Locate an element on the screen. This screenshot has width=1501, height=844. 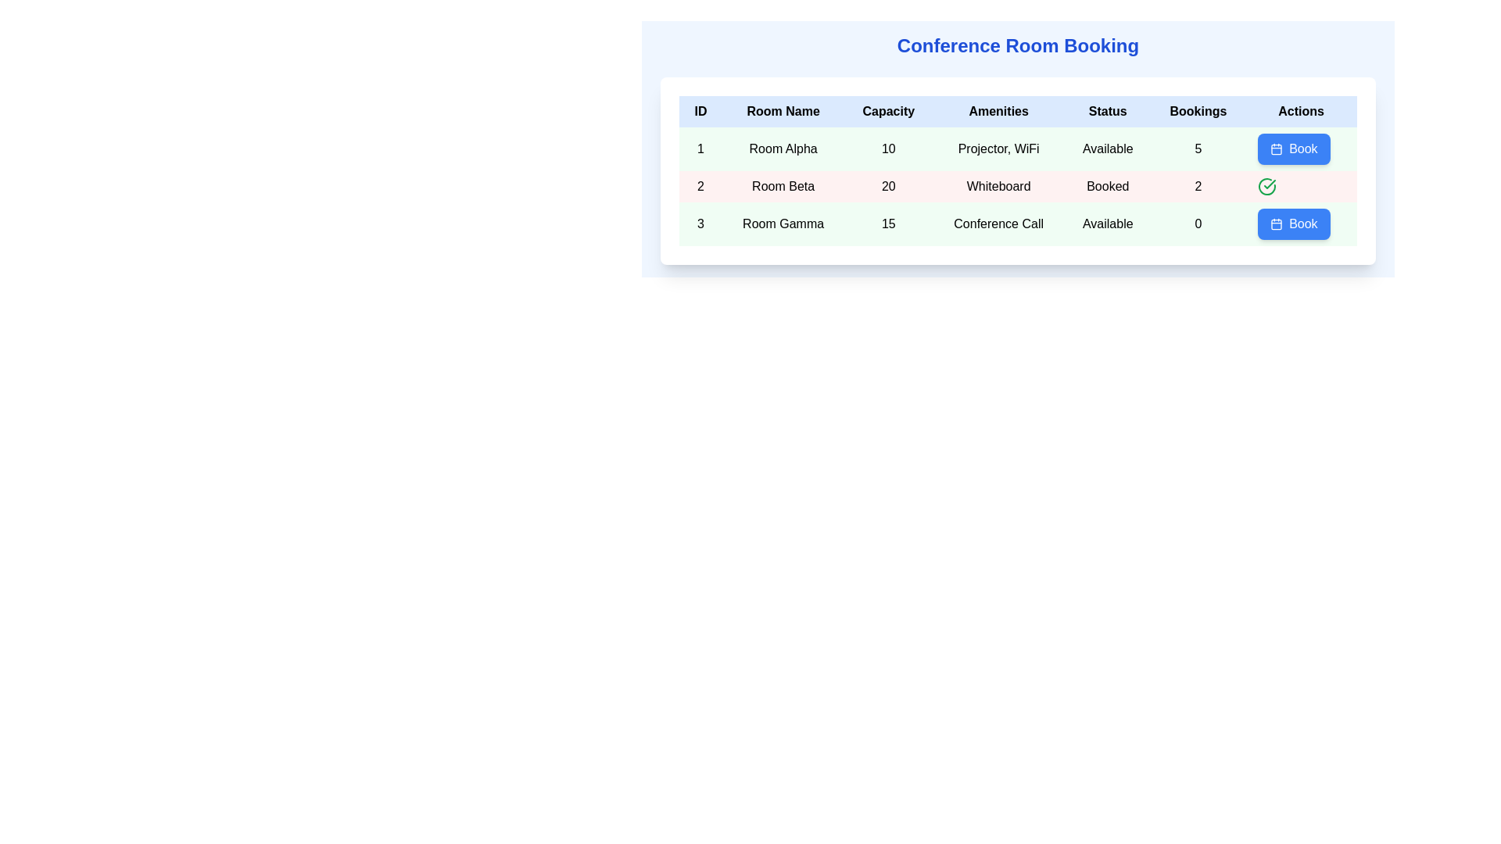
the numeric value '10' displayed under the 'Capacity' column for 'Room Alpha' in the first row of the table is located at coordinates (888, 149).